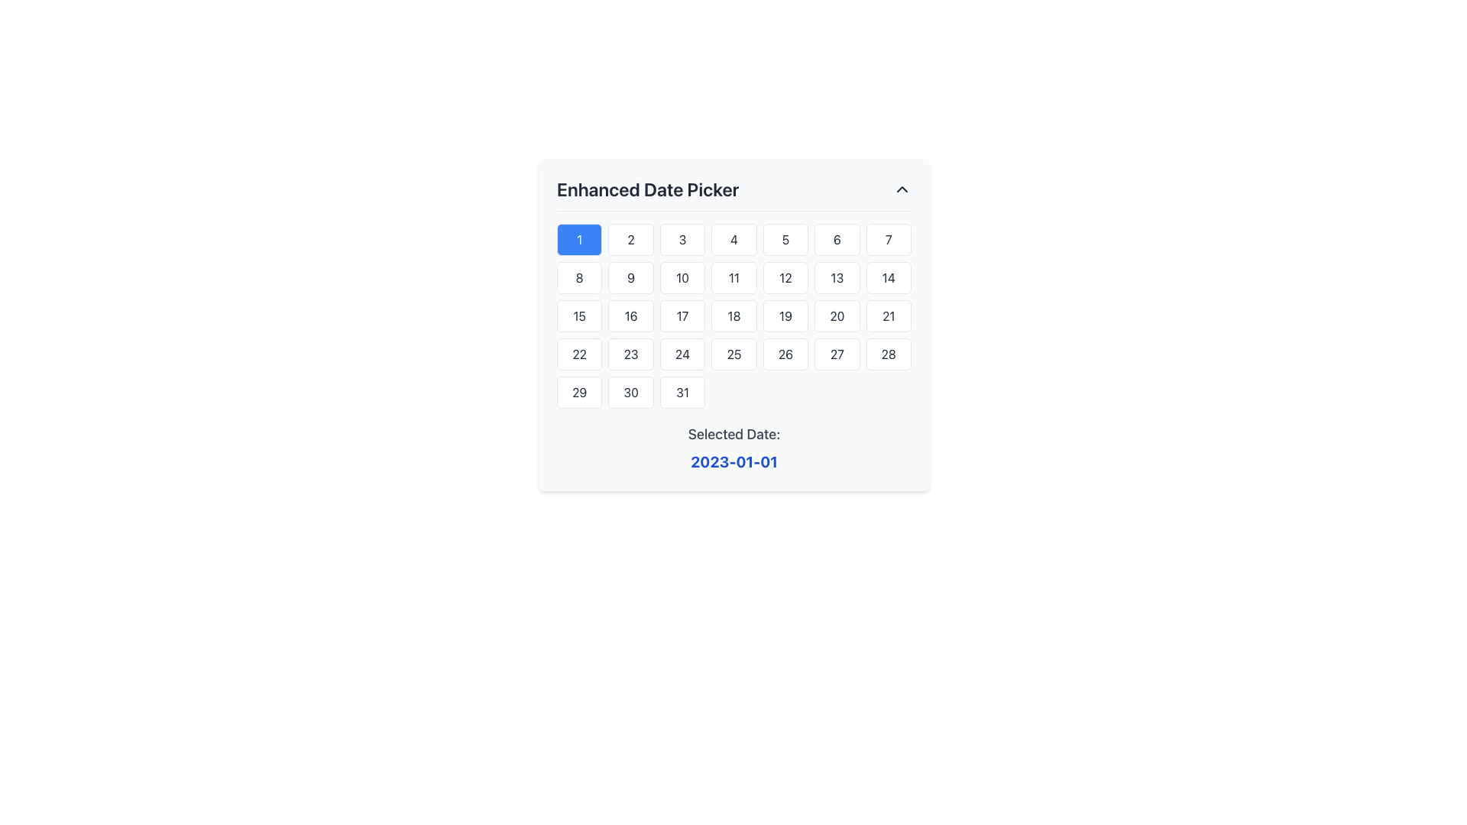  I want to click on the button representing the number '25' in the date picker, so click(733, 354).